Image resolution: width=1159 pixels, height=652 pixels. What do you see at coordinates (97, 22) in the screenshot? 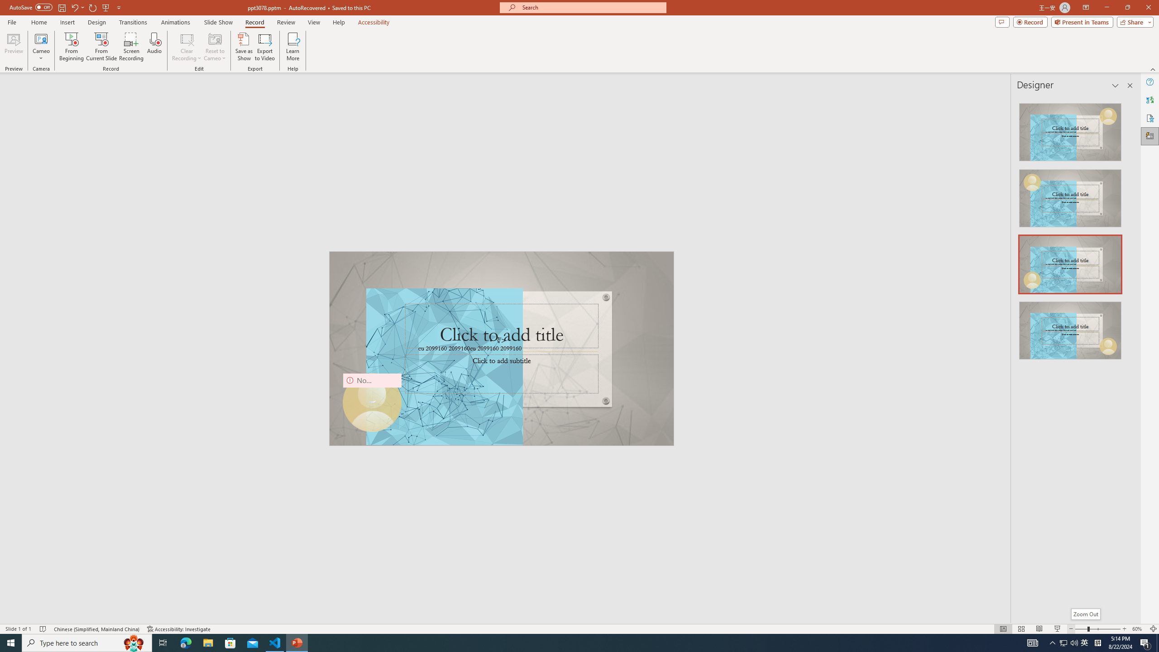
I see `'Design'` at bounding box center [97, 22].